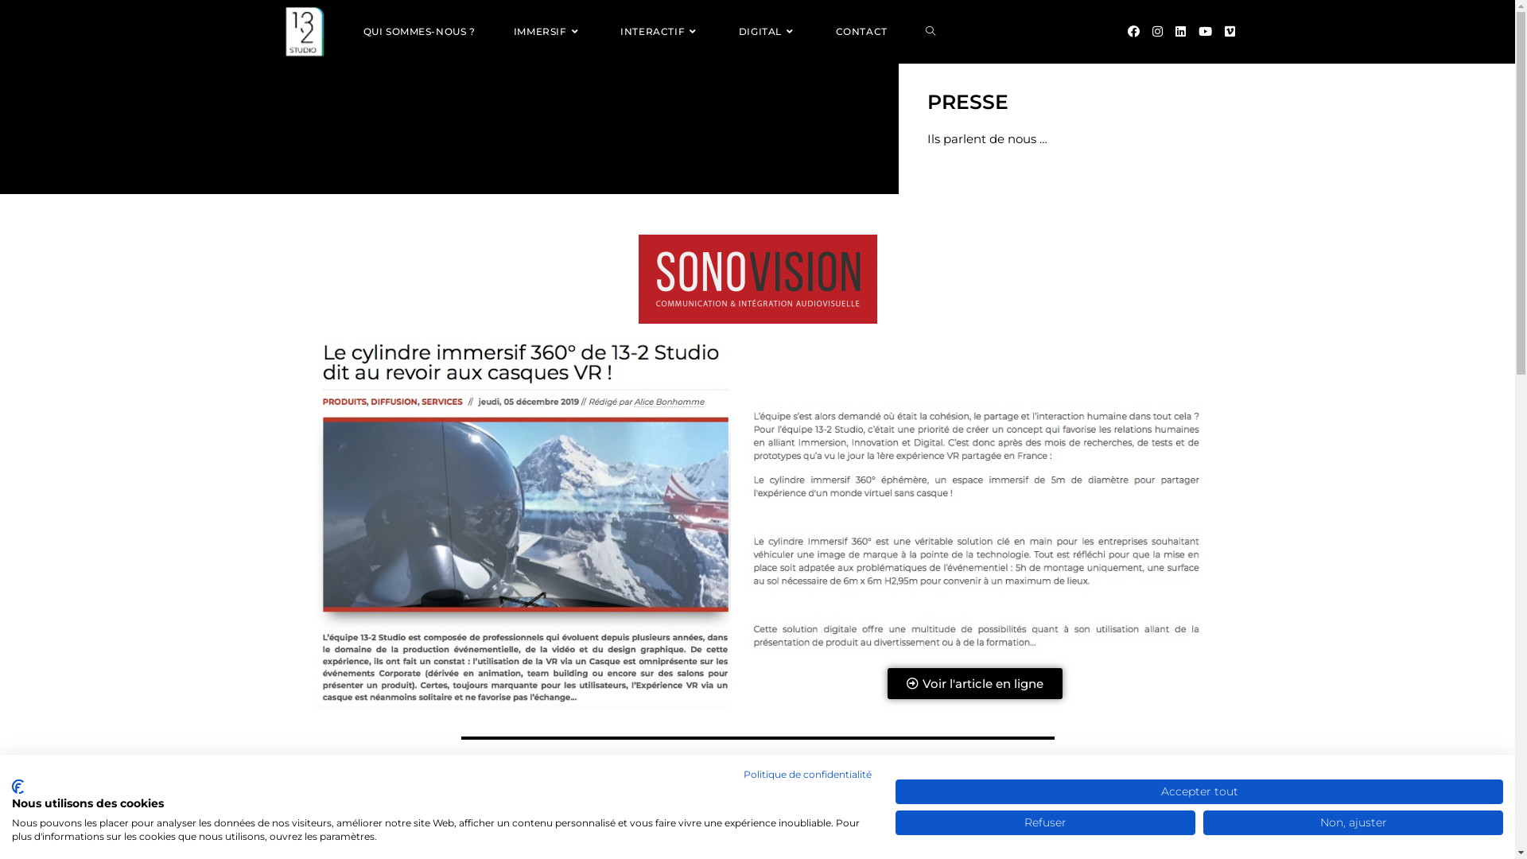 The image size is (1527, 859). Describe the element at coordinates (1352, 822) in the screenshot. I see `'Non, ajuster'` at that location.